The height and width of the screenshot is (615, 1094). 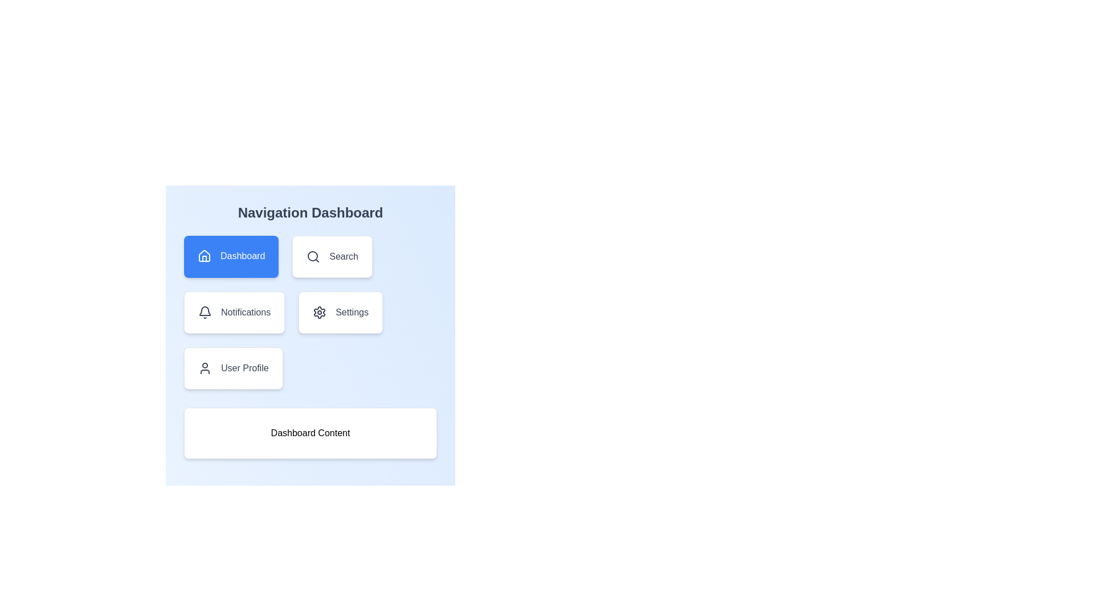 I want to click on the user profile icon, which is a circular head with a shoulder line, located in the bottom-left section of the navigation panel labeled 'User Profile', so click(x=205, y=368).